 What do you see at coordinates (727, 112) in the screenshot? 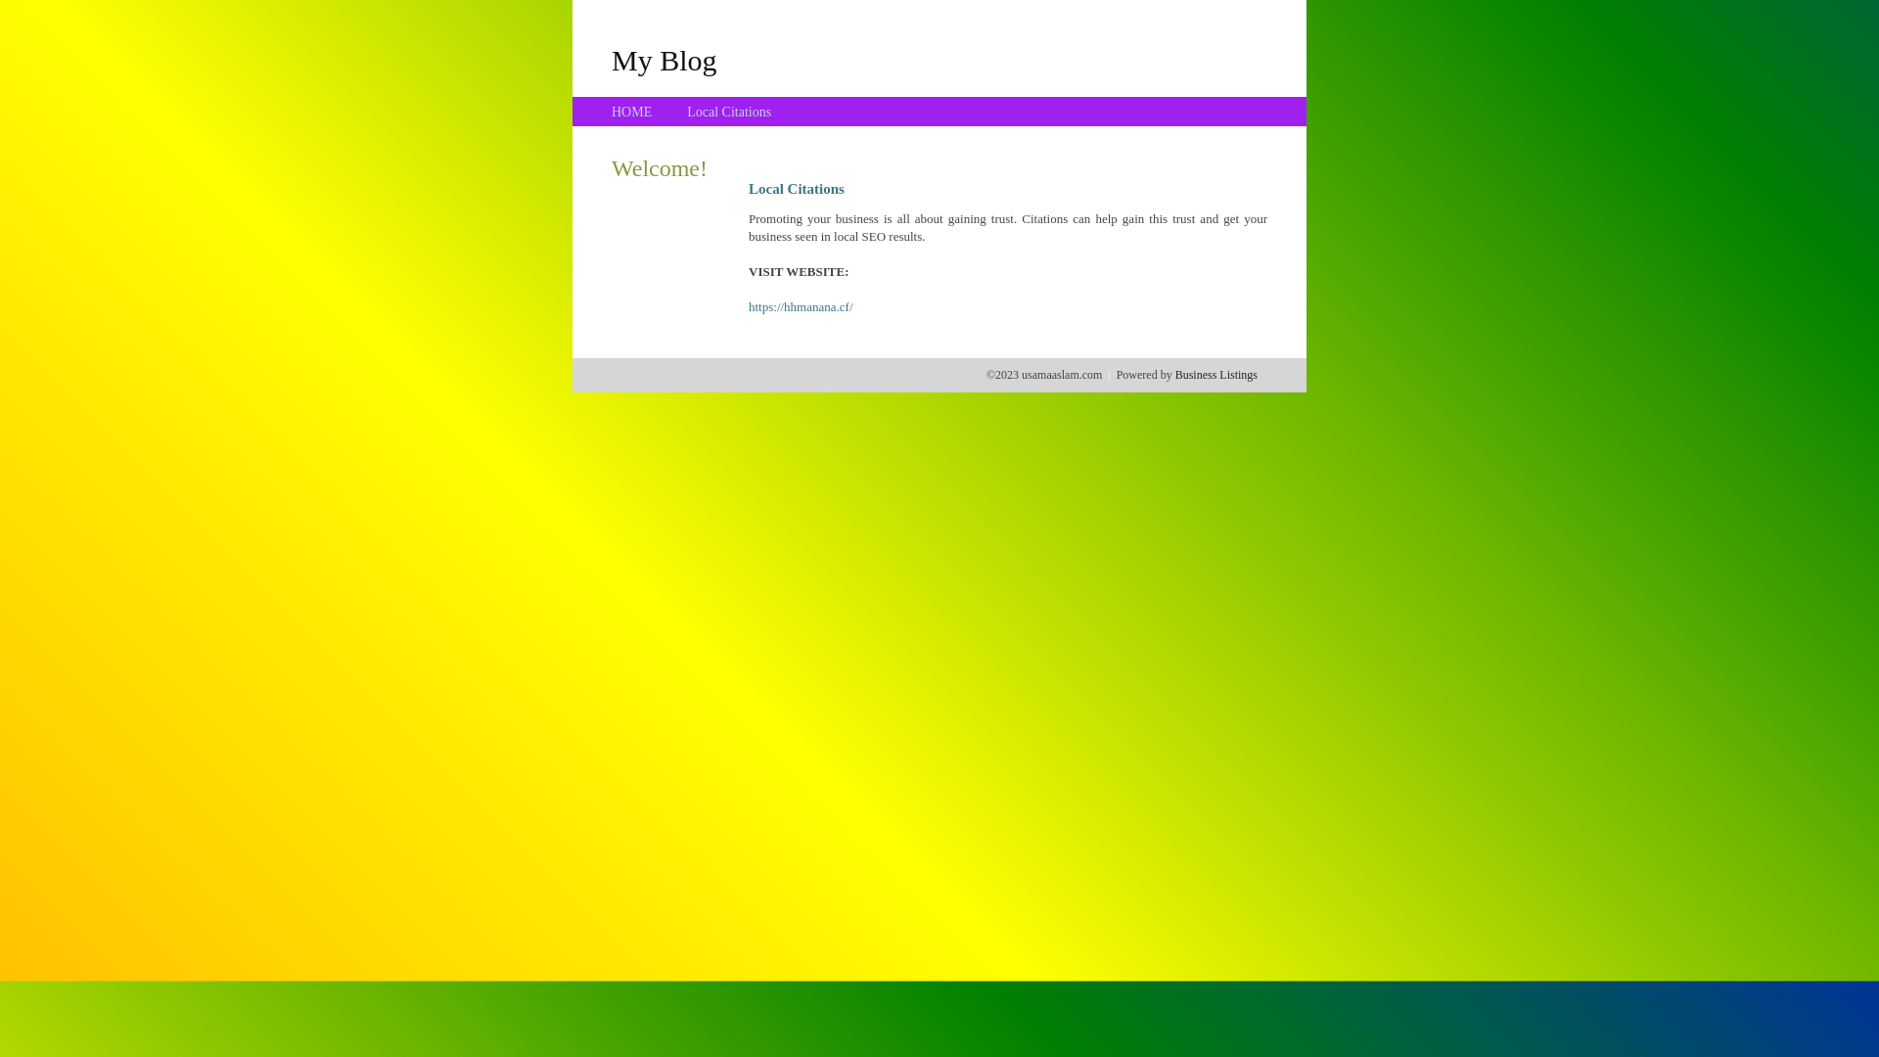
I see `'Local Citations'` at bounding box center [727, 112].